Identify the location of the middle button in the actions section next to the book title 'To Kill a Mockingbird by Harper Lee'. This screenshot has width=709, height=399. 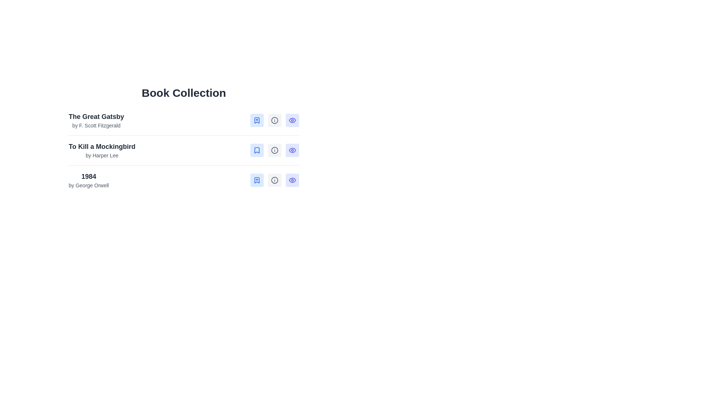
(274, 150).